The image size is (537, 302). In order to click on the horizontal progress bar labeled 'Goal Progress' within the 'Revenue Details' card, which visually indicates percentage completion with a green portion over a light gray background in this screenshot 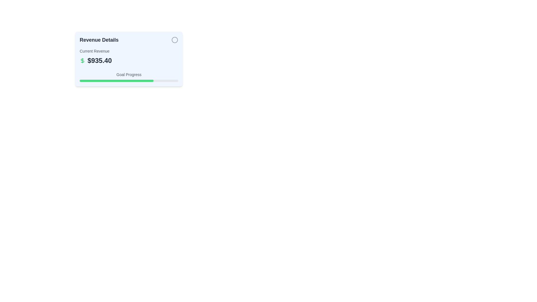, I will do `click(128, 77)`.